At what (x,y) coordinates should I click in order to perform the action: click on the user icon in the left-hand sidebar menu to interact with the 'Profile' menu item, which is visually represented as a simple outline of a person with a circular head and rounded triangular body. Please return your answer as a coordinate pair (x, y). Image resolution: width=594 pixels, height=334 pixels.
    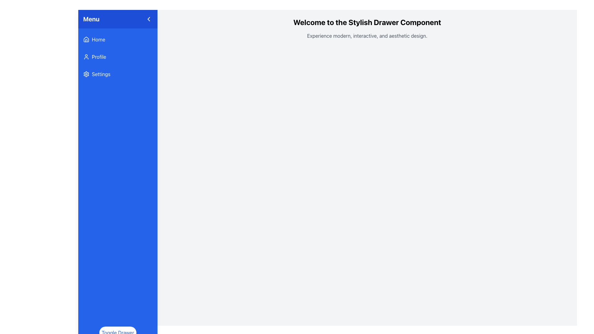
    Looking at the image, I should click on (86, 57).